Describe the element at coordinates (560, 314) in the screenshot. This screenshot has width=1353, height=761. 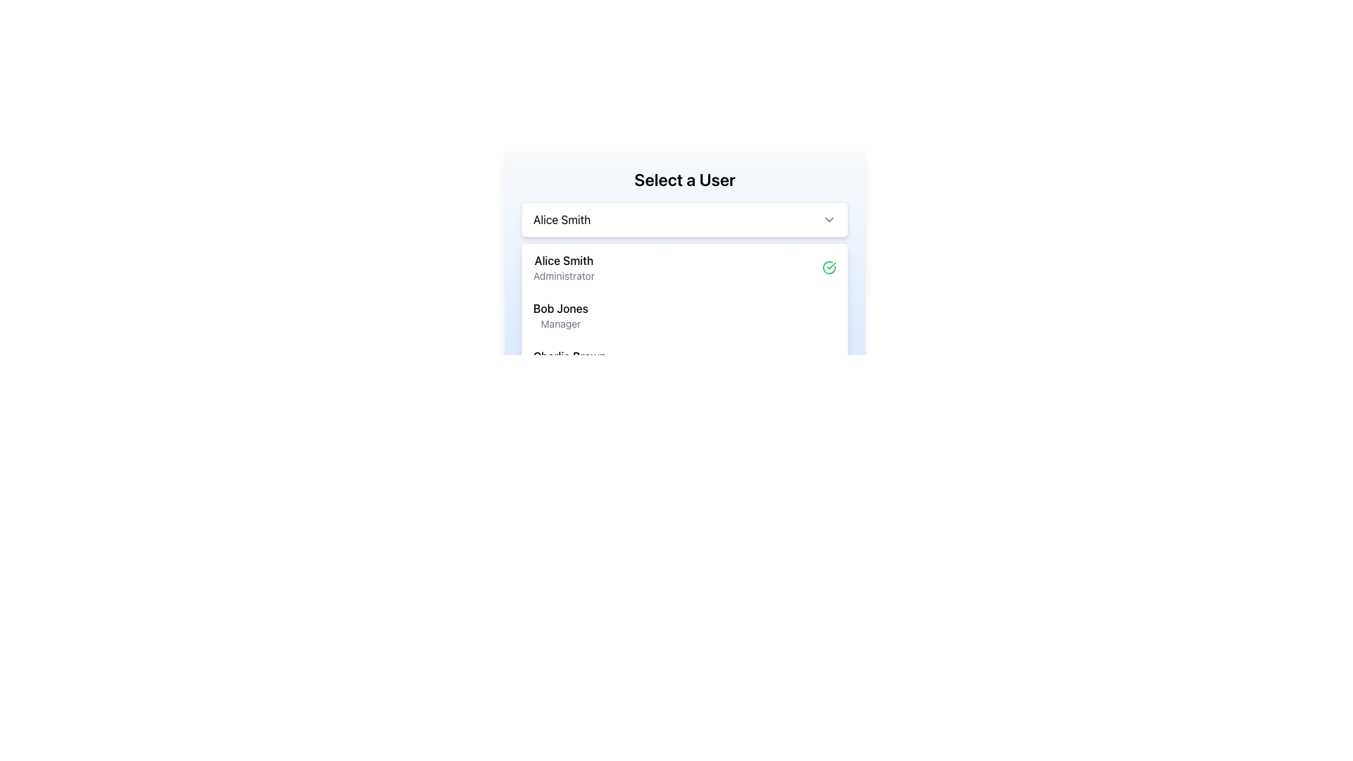
I see `the List item displaying 'Bob Jones' and 'Manager'` at that location.